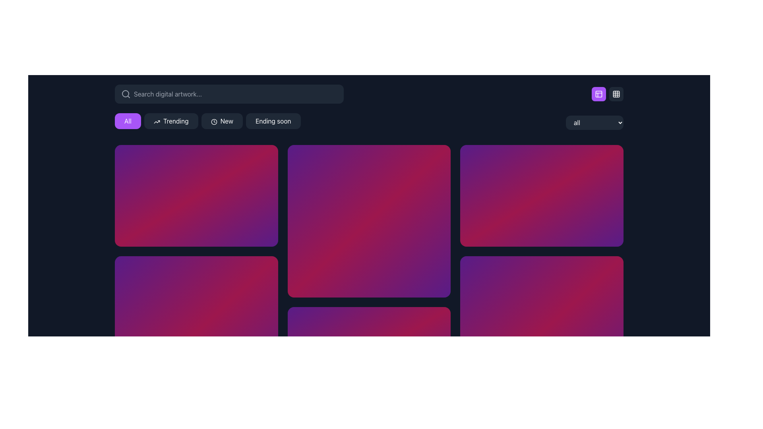 The height and width of the screenshot is (429, 763). I want to click on the central square SVG rectangle with rounded corners in the top-right corner of the interface, so click(616, 93).